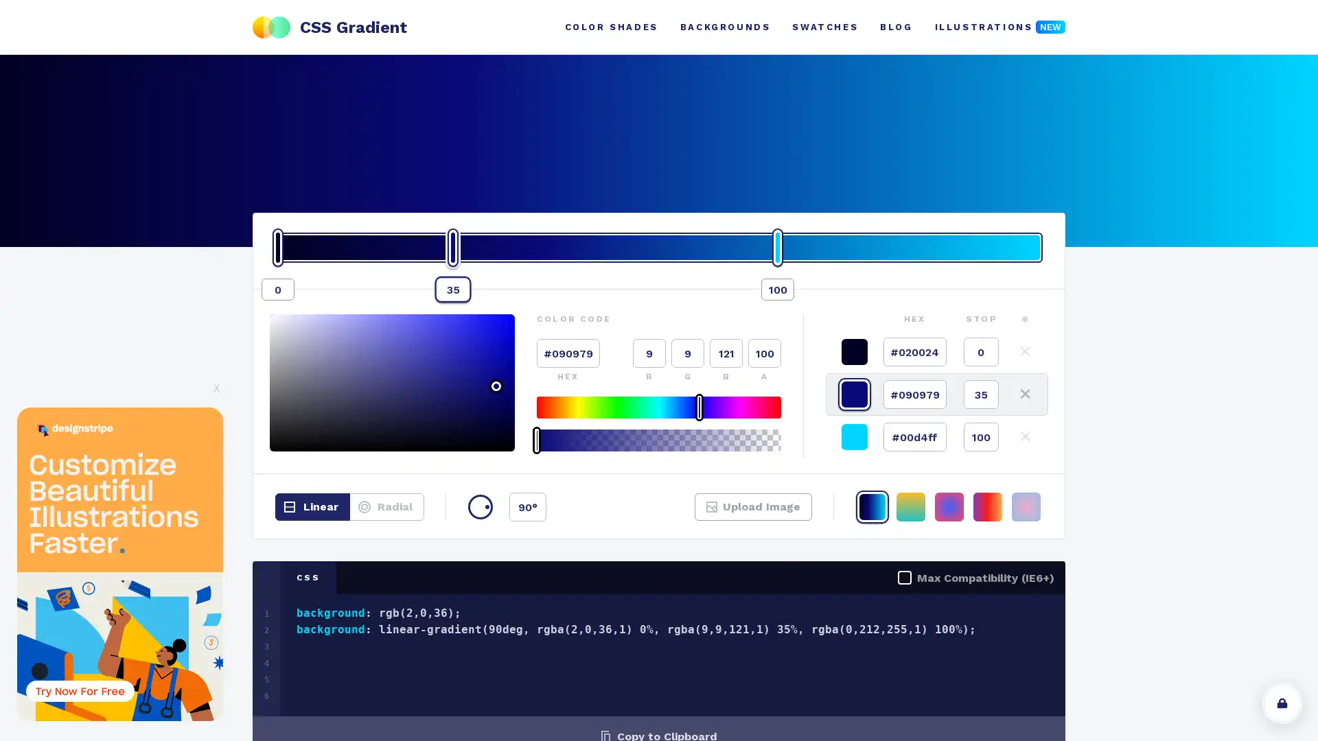 This screenshot has width=1318, height=741. I want to click on Radial, so click(386, 507).